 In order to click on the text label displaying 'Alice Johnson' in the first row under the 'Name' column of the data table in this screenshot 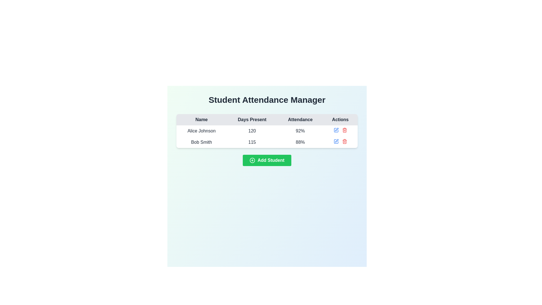, I will do `click(202, 131)`.